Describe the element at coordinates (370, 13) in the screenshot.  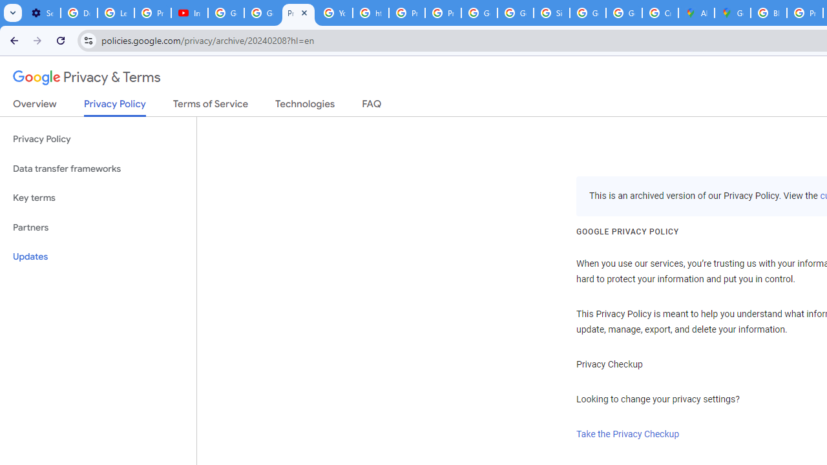
I see `'https://scholar.google.com/'` at that location.